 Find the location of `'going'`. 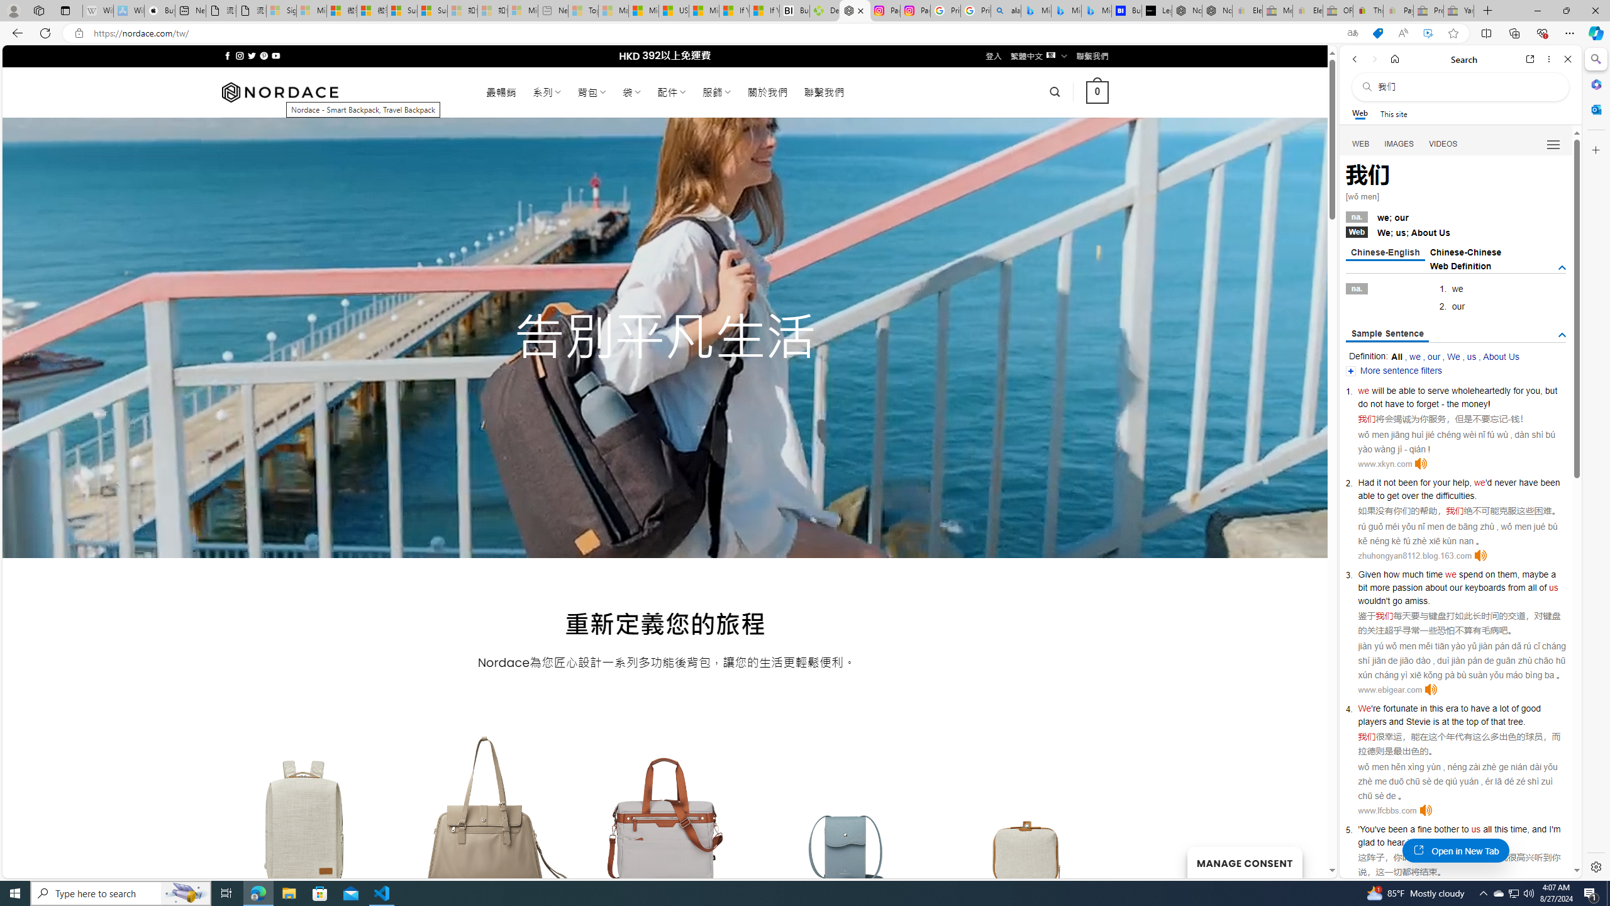

'going' is located at coordinates (1430, 841).